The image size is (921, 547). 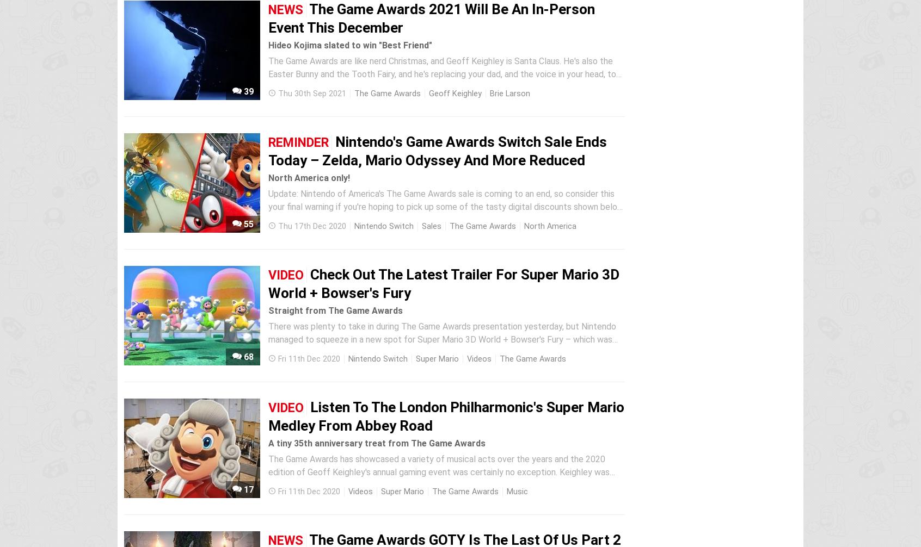 What do you see at coordinates (311, 94) in the screenshot?
I see `'Thu 30th Sep 2021'` at bounding box center [311, 94].